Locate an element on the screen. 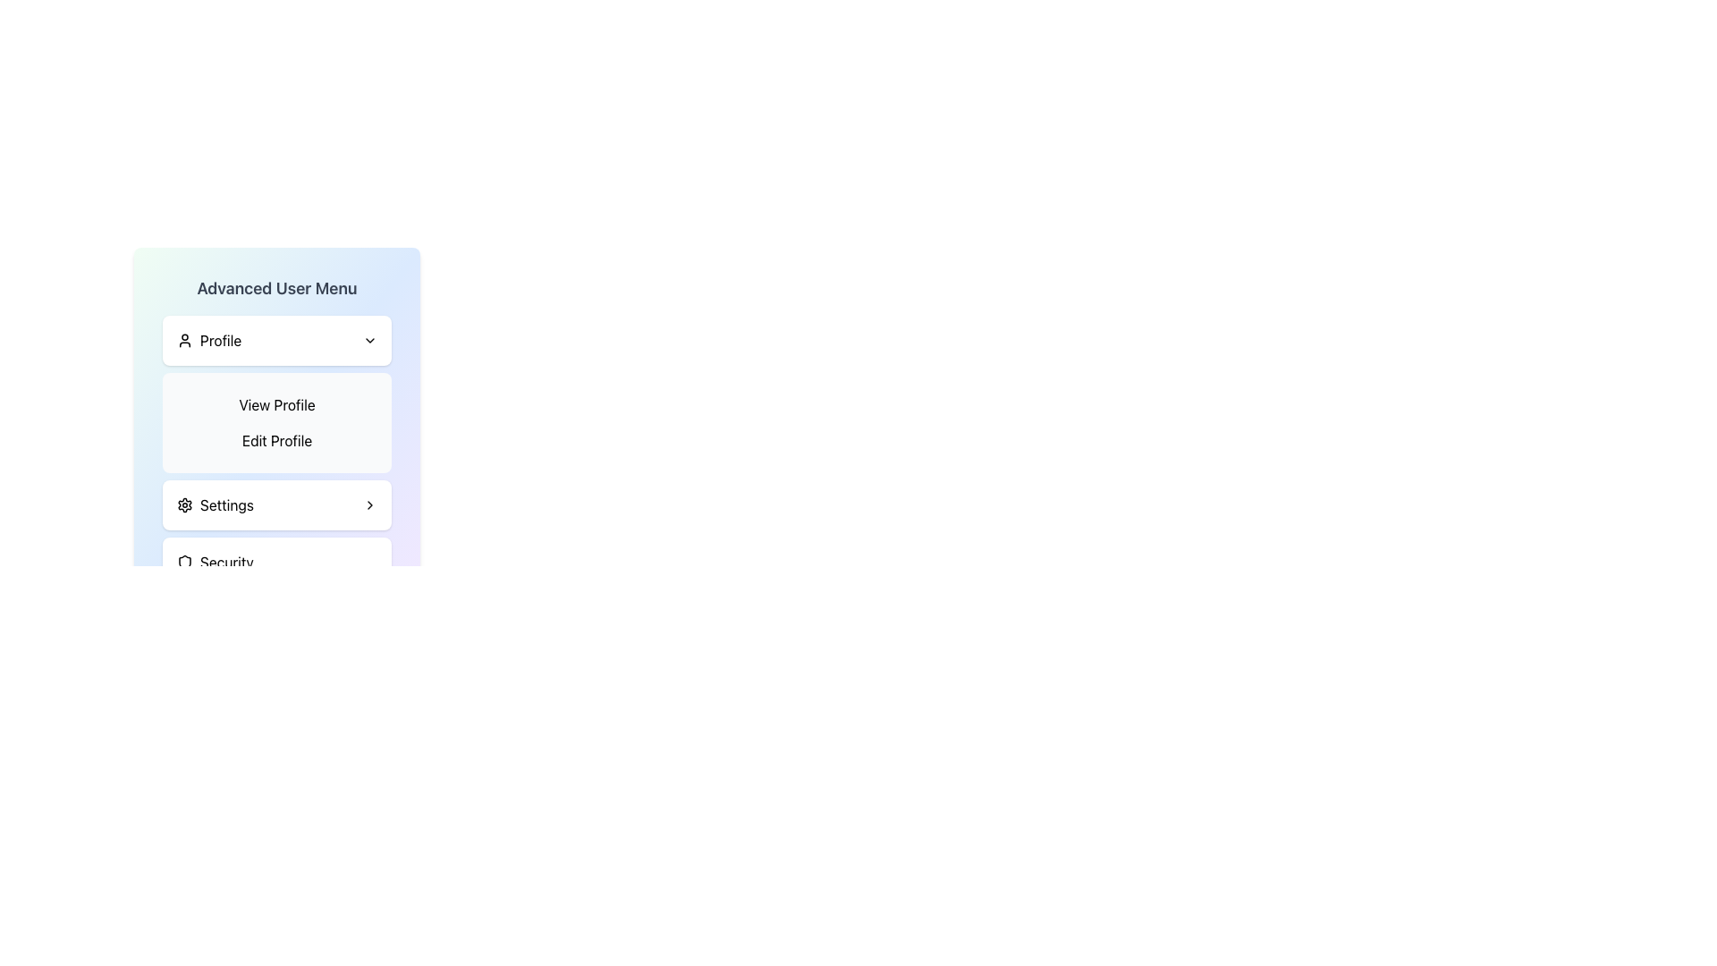 The image size is (1717, 966). the downward-pointing chevron icon is located at coordinates (368, 341).